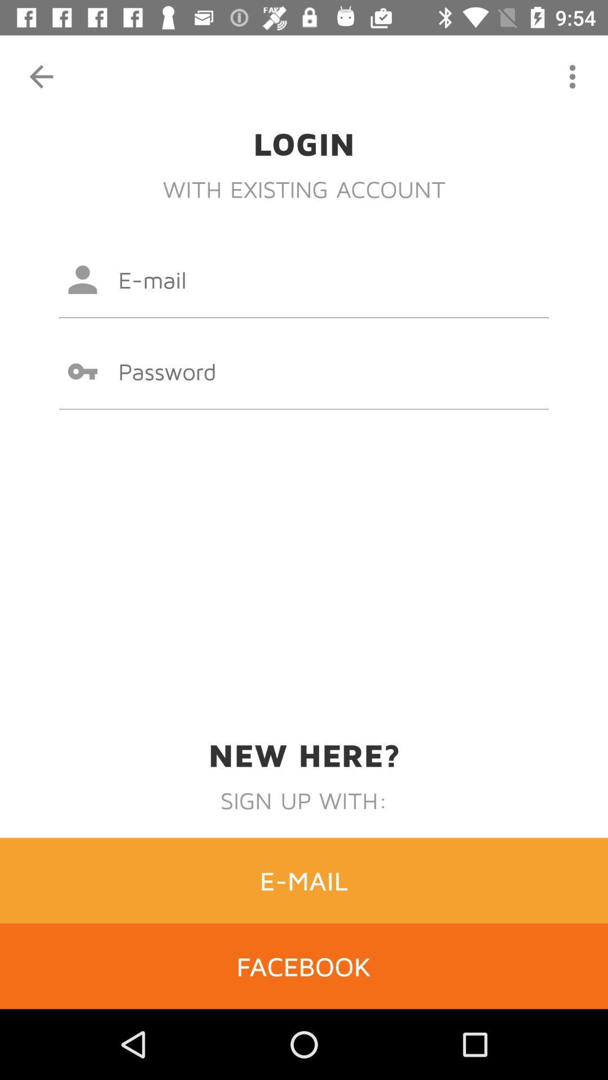 The width and height of the screenshot is (608, 1080). What do you see at coordinates (304, 371) in the screenshot?
I see `the icon above new here?` at bounding box center [304, 371].